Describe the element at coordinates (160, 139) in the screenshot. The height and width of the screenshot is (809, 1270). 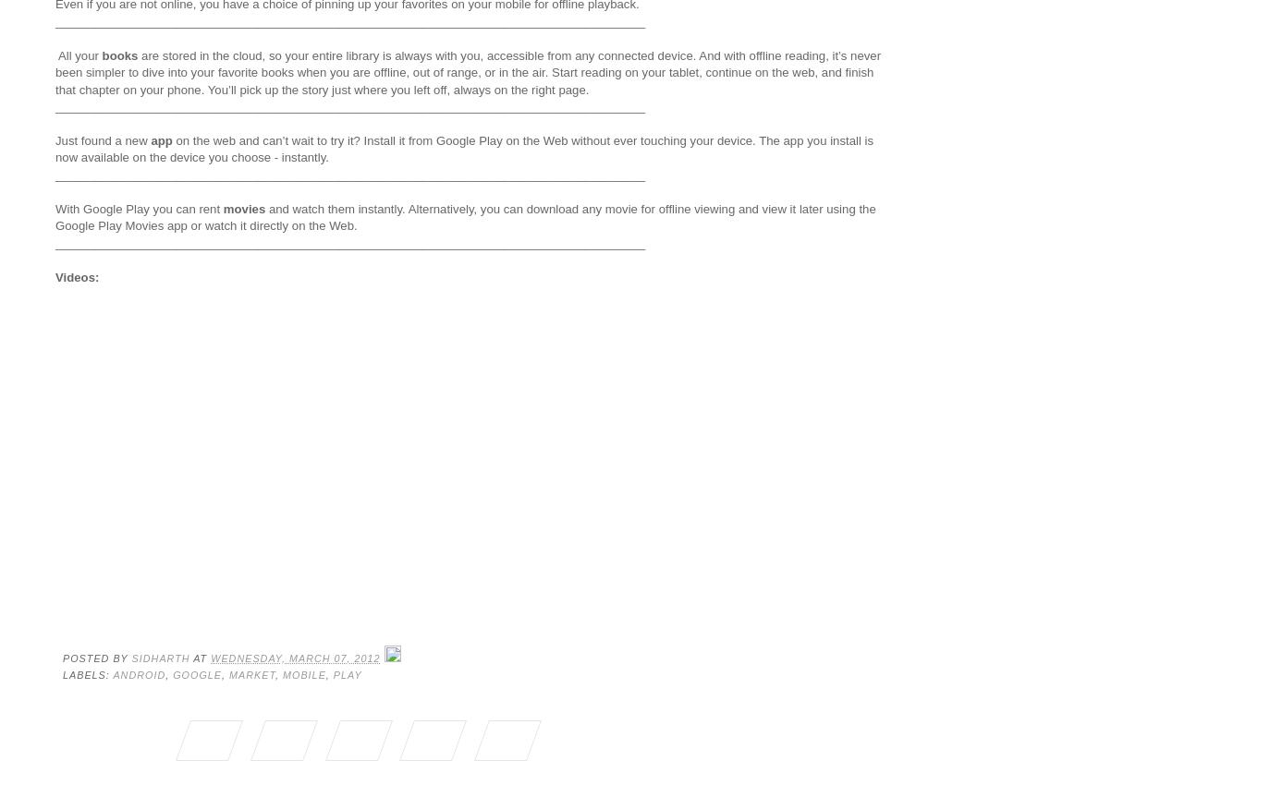
I see `'app'` at that location.